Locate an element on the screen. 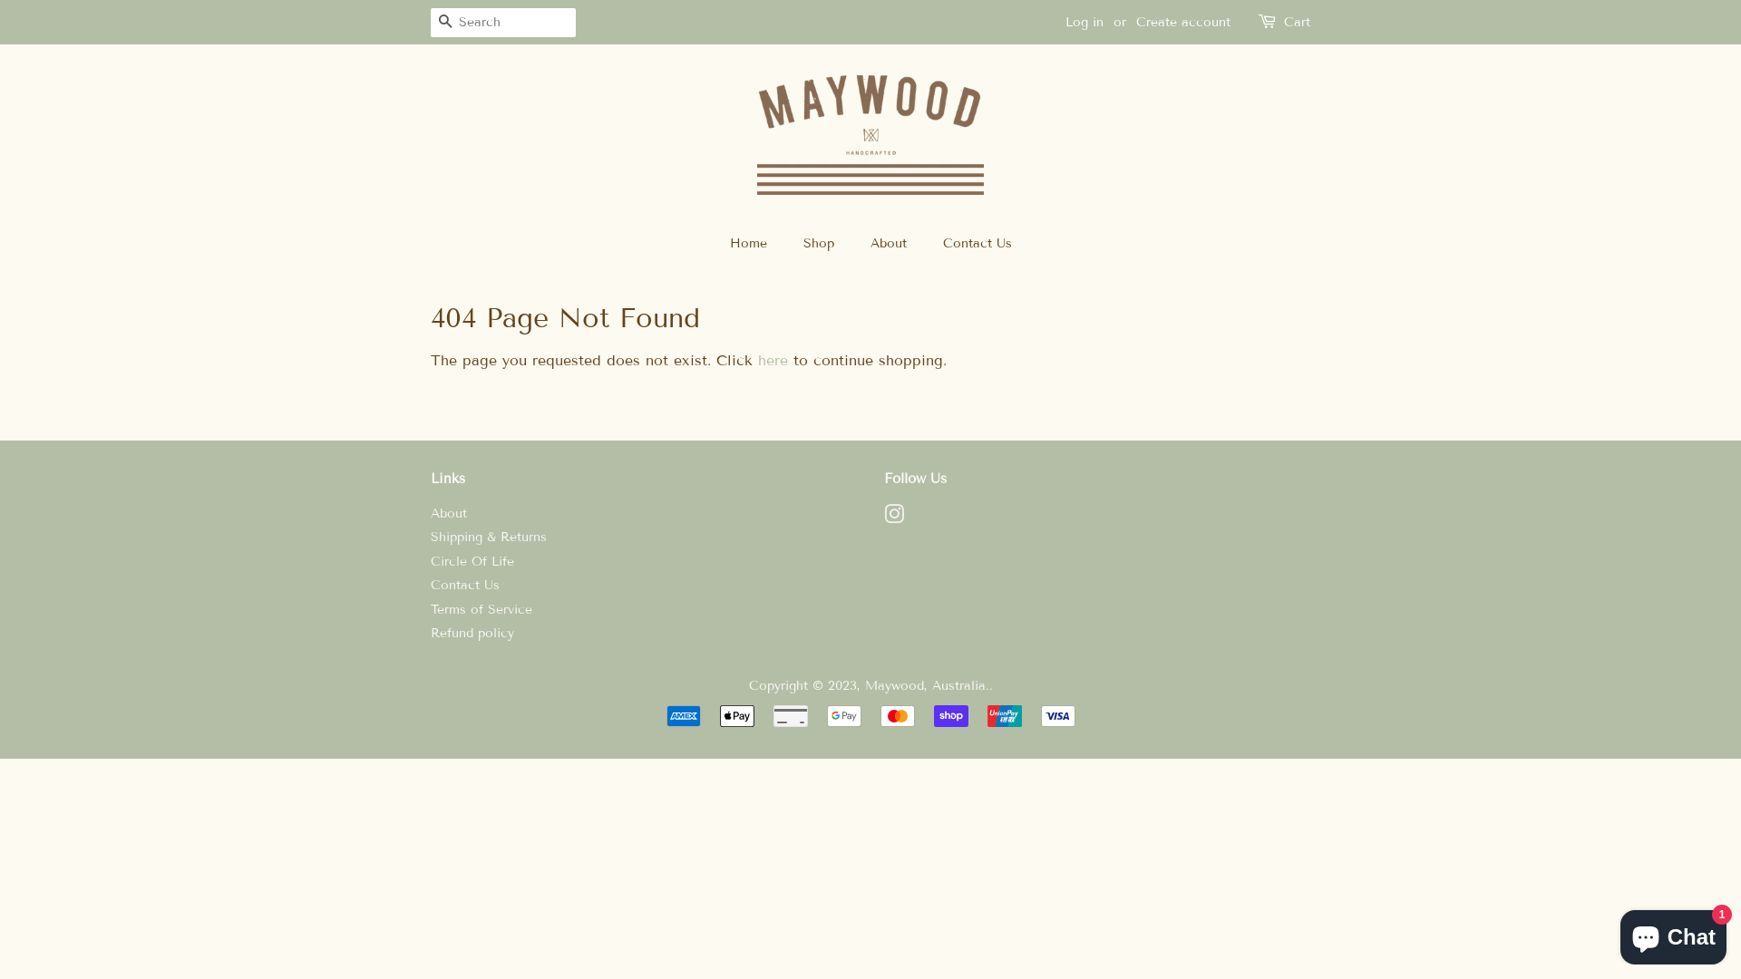 The image size is (1741, 979). 'About' is located at coordinates (448, 513).